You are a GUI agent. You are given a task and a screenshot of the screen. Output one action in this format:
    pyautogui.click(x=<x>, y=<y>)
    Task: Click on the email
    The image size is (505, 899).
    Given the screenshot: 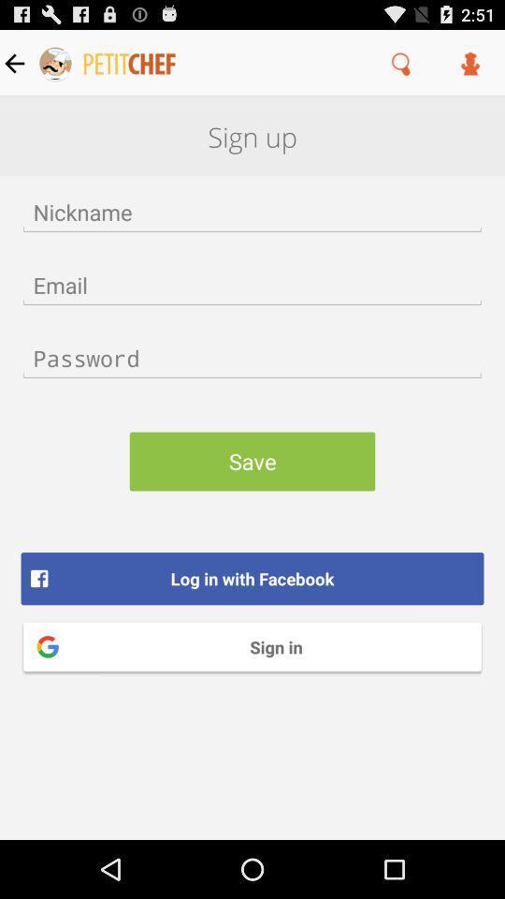 What is the action you would take?
    pyautogui.click(x=252, y=285)
    